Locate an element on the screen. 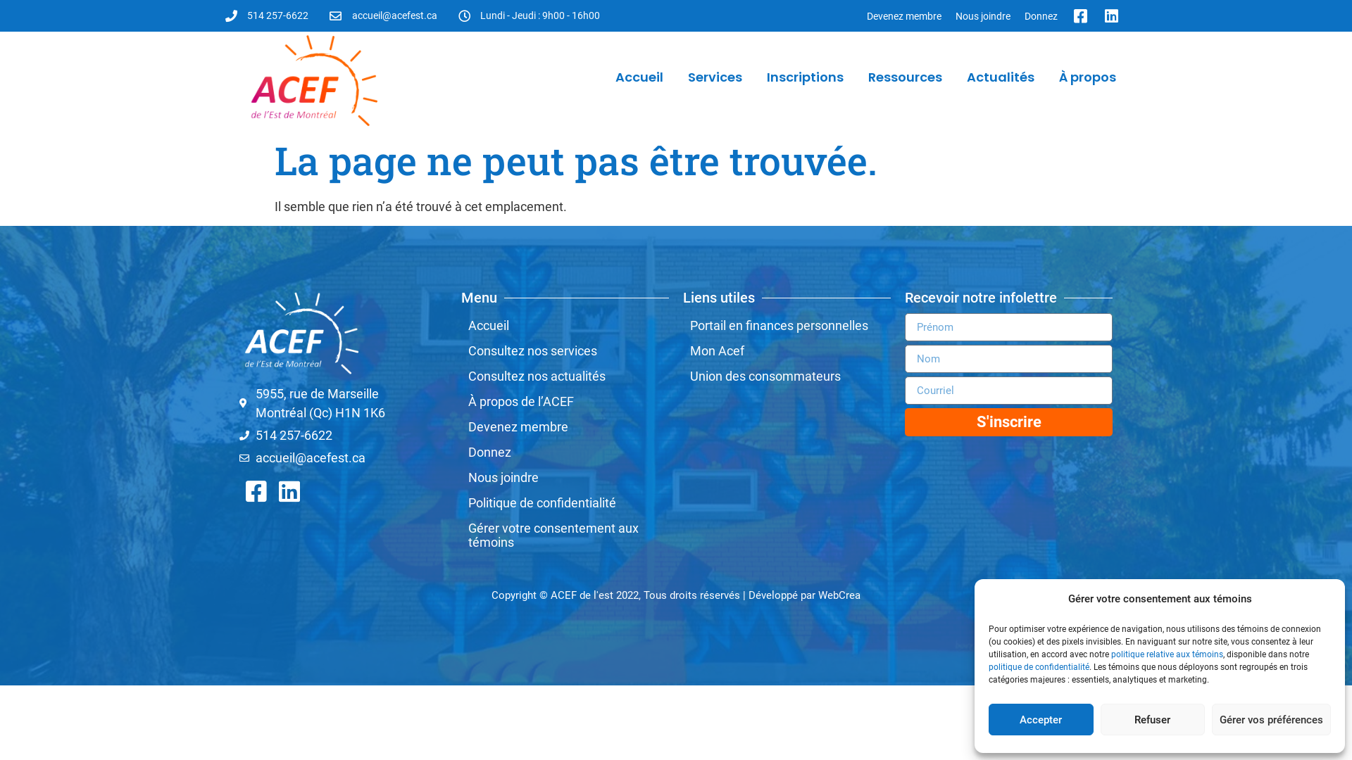 This screenshot has width=1352, height=760. 'Services' is located at coordinates (715, 77).